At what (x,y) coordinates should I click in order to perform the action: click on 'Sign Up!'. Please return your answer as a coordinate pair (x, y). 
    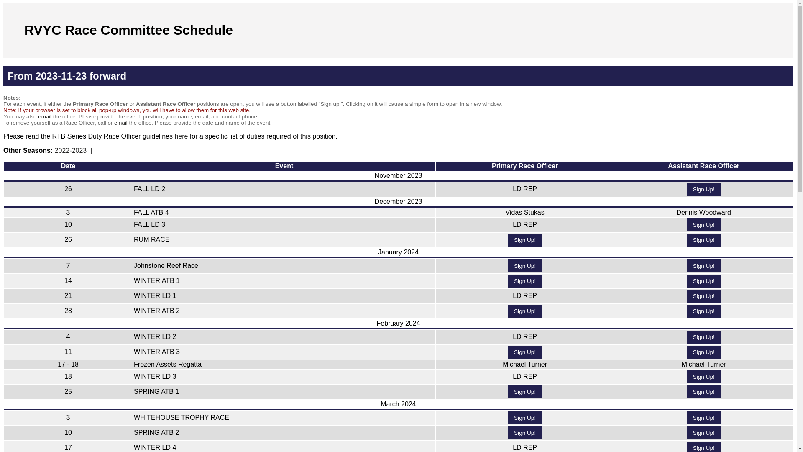
    Looking at the image, I should click on (703, 336).